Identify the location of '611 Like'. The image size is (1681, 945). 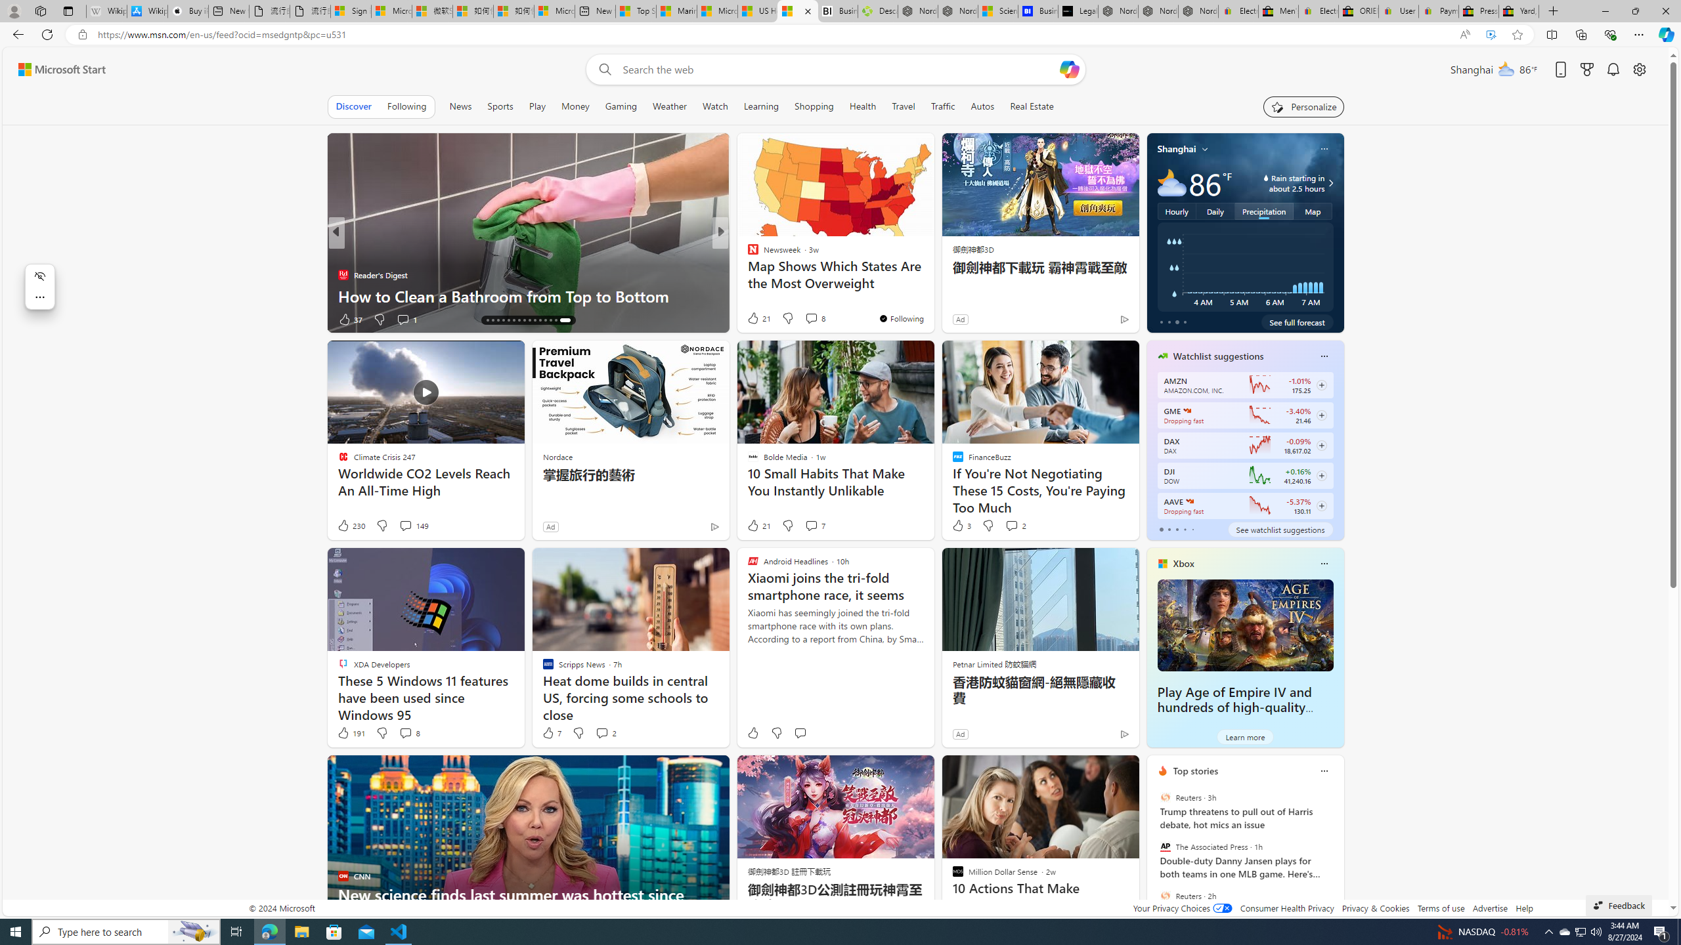
(756, 319).